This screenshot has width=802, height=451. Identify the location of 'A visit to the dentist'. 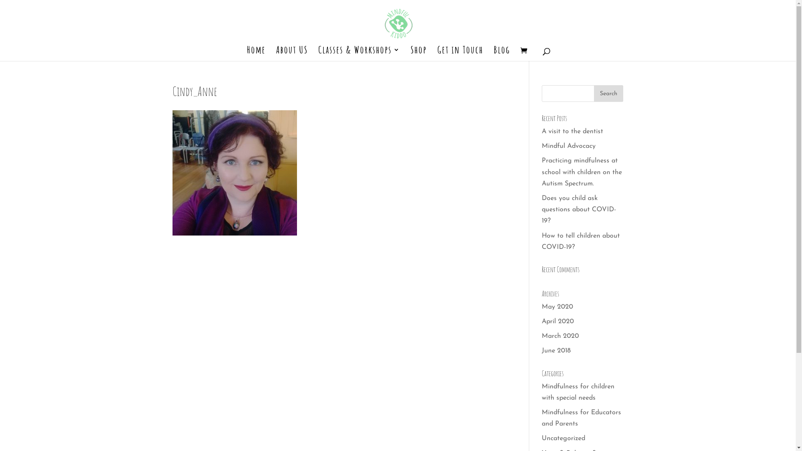
(572, 132).